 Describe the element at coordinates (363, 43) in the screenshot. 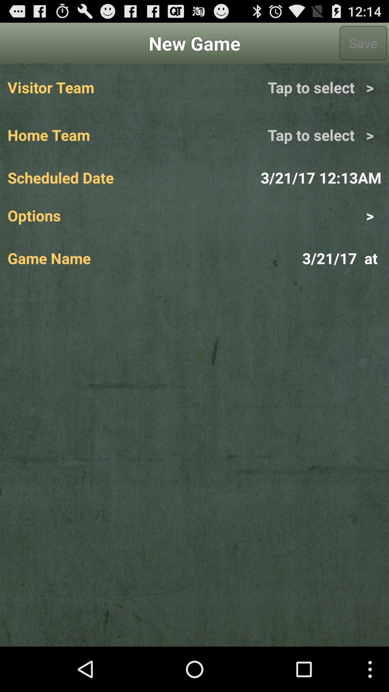

I see `the app to the right of new game app` at that location.